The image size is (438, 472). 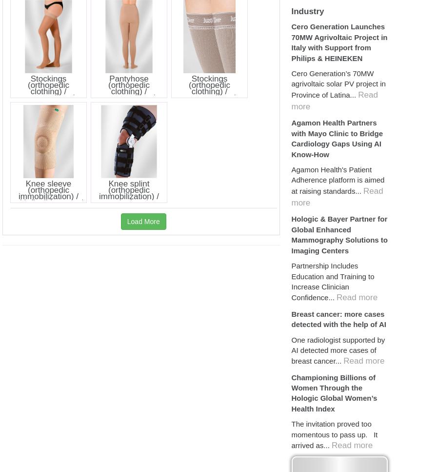 What do you see at coordinates (338, 349) in the screenshot?
I see `'One radiologist supported by AI detected more cases of breast cancer...'` at bounding box center [338, 349].